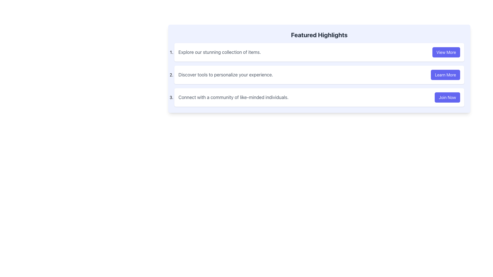 The height and width of the screenshot is (277, 493). Describe the element at coordinates (233, 97) in the screenshot. I see `the text label displaying 'Connect with a community of like-minded individuals,' which is styled in gray and positioned to the left of the 'Join Now' button in the third section of the layout` at that location.